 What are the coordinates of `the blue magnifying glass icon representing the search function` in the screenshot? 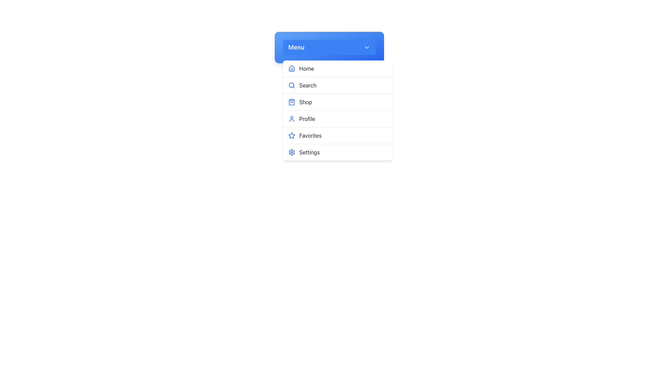 It's located at (292, 85).